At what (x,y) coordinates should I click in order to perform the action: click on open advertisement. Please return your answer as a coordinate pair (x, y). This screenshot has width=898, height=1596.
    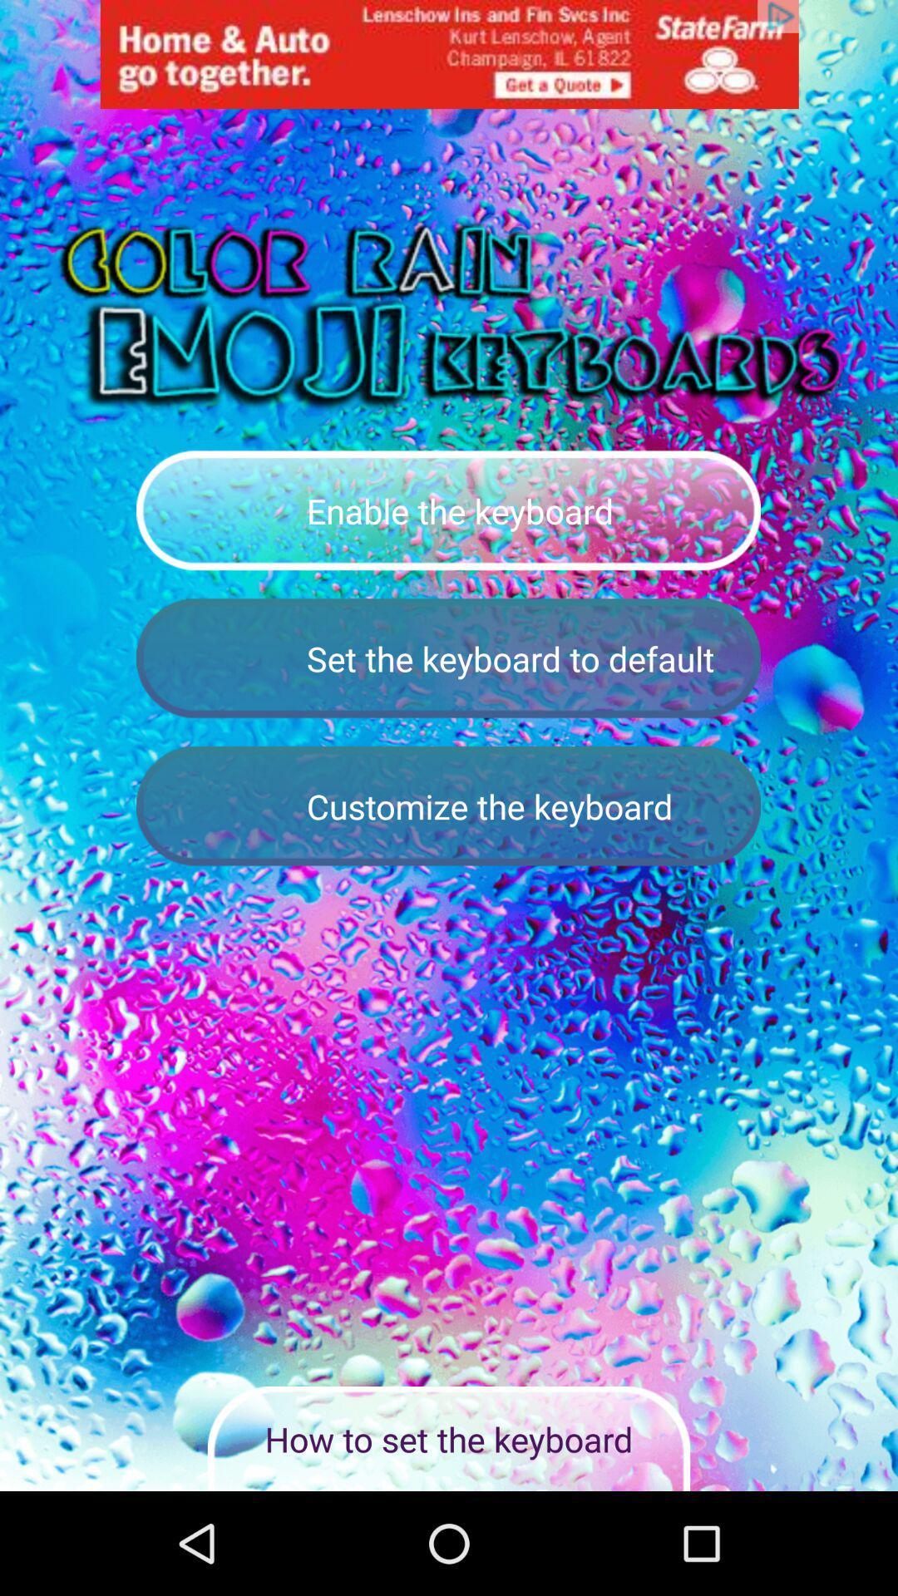
    Looking at the image, I should click on (449, 54).